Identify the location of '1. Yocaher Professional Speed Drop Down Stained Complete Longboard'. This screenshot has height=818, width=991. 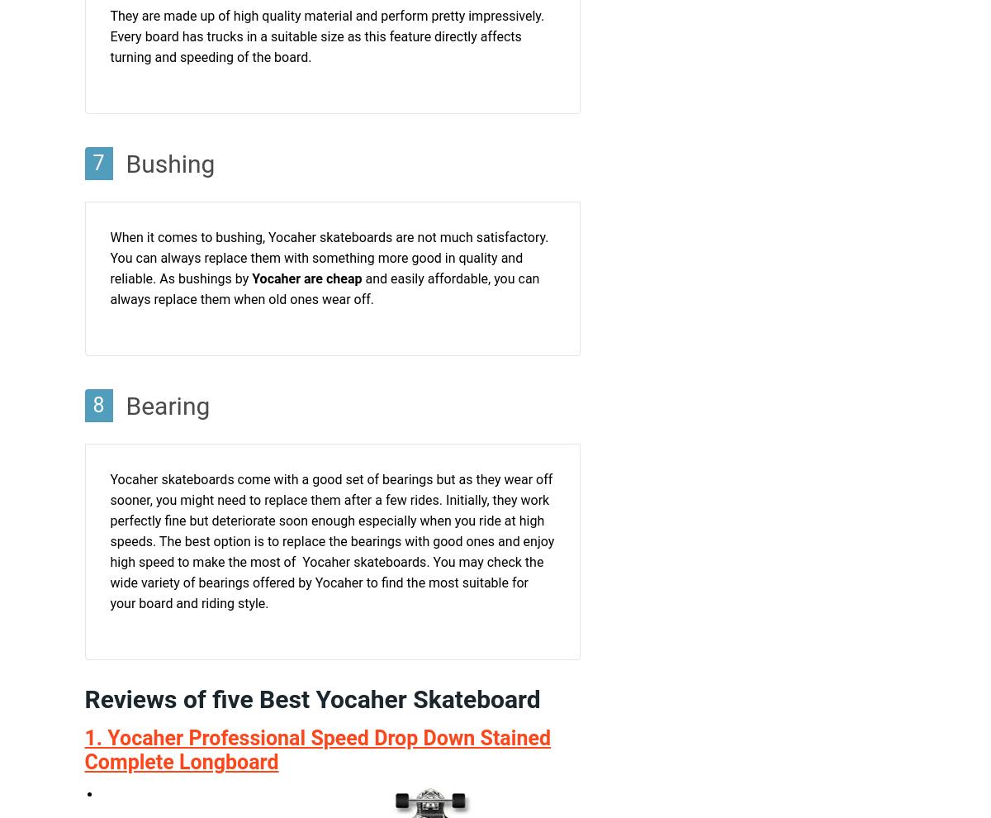
(317, 749).